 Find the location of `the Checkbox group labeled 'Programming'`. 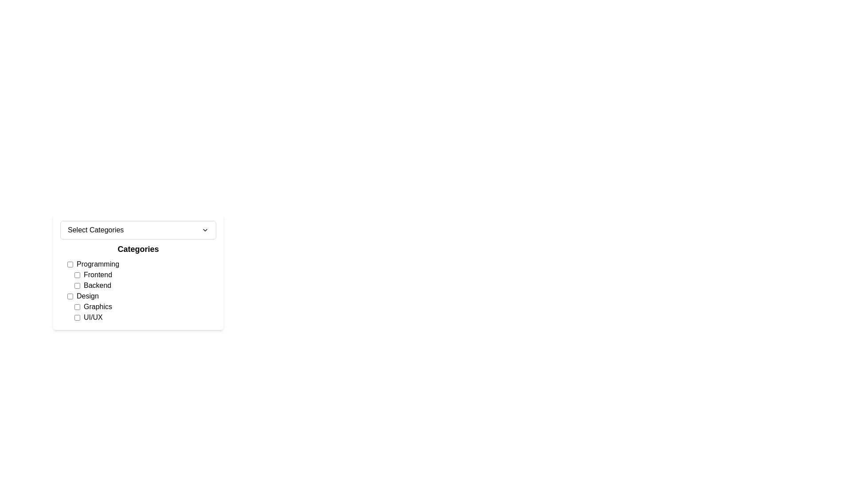

the Checkbox group labeled 'Programming' is located at coordinates (142, 275).